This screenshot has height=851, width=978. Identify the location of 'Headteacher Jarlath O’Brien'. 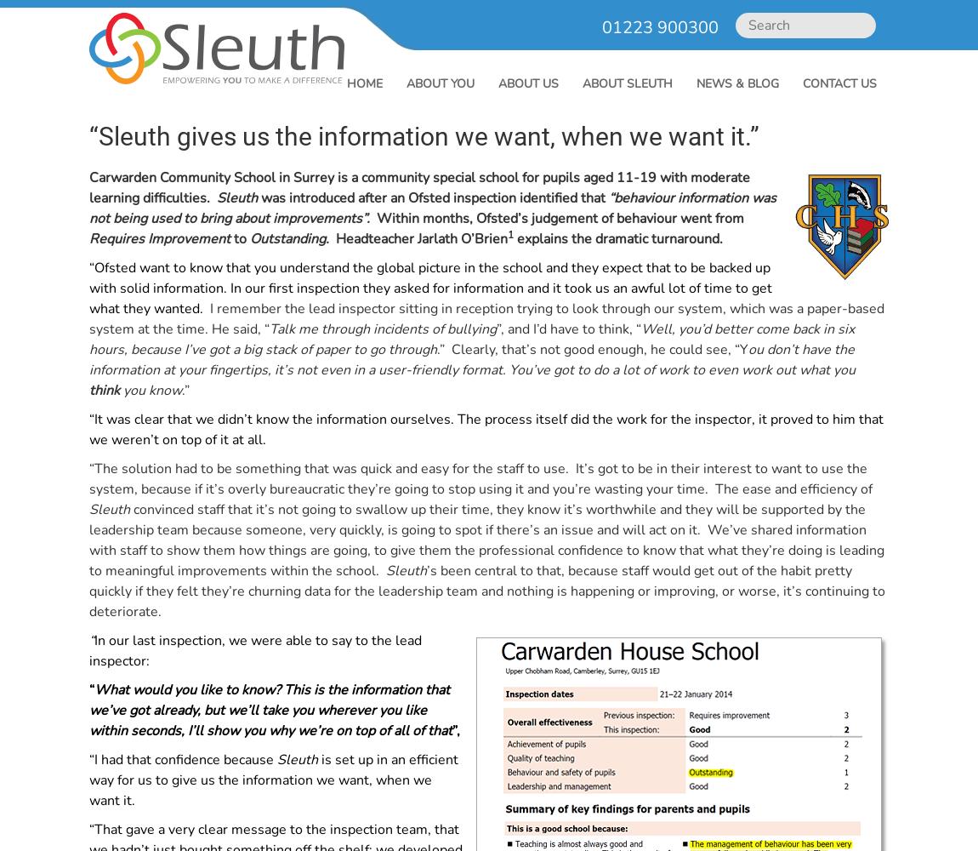
(333, 239).